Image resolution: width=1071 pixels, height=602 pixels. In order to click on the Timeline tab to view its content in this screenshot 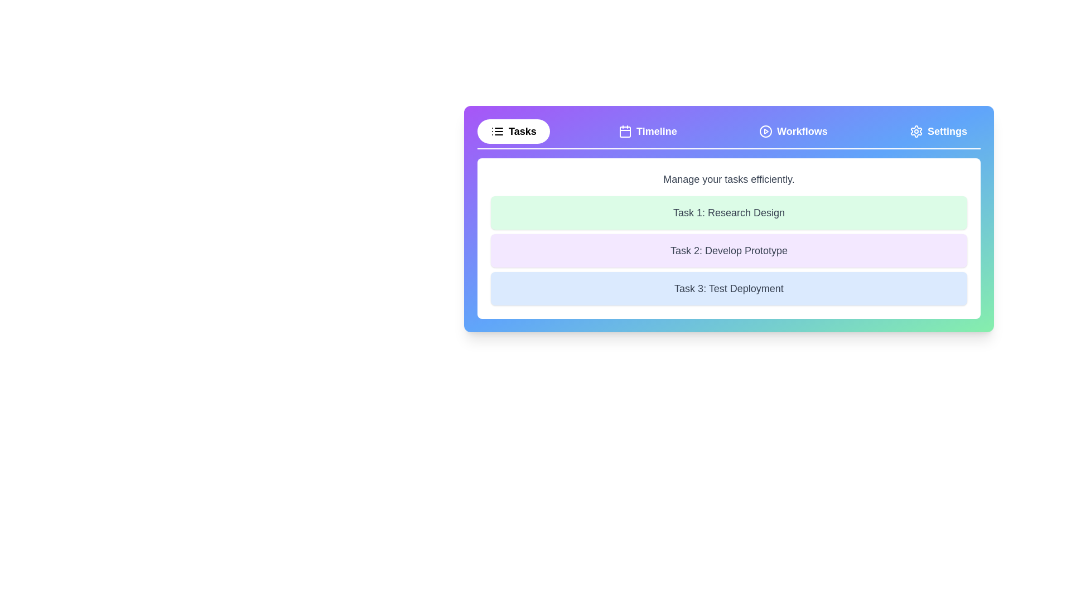, I will do `click(648, 130)`.